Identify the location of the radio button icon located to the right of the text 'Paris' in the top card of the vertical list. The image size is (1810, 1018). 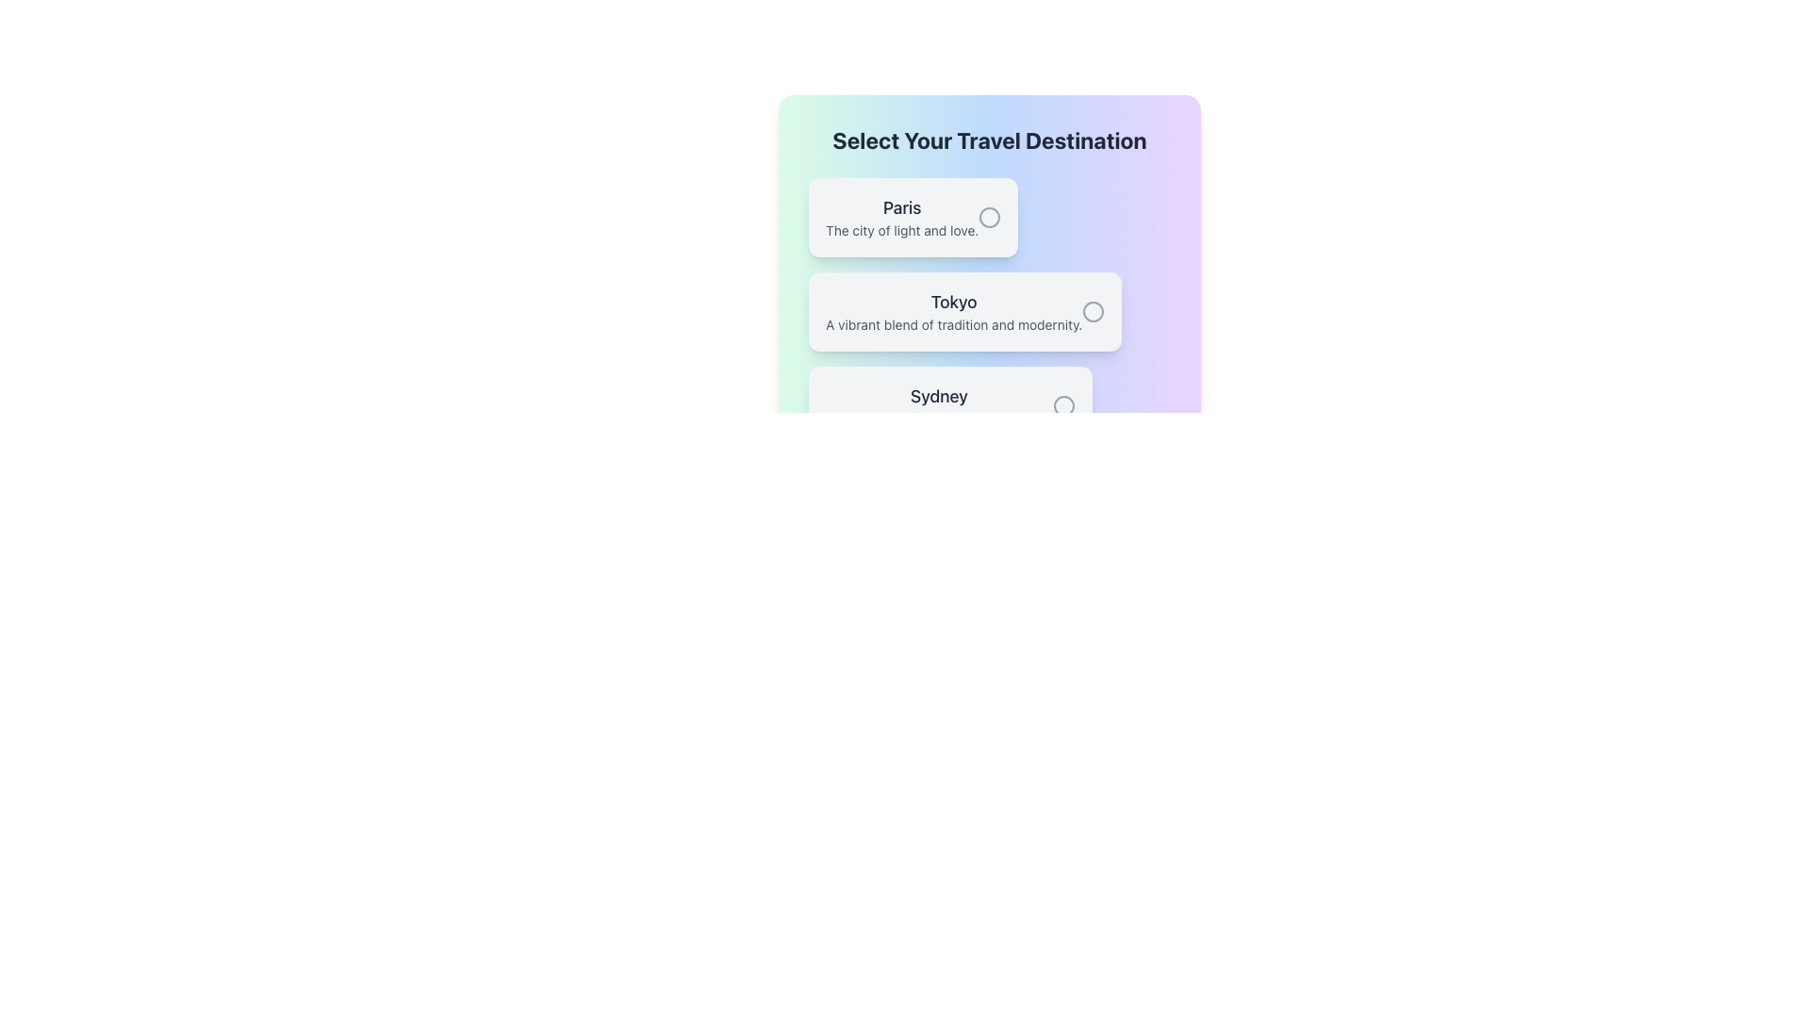
(989, 217).